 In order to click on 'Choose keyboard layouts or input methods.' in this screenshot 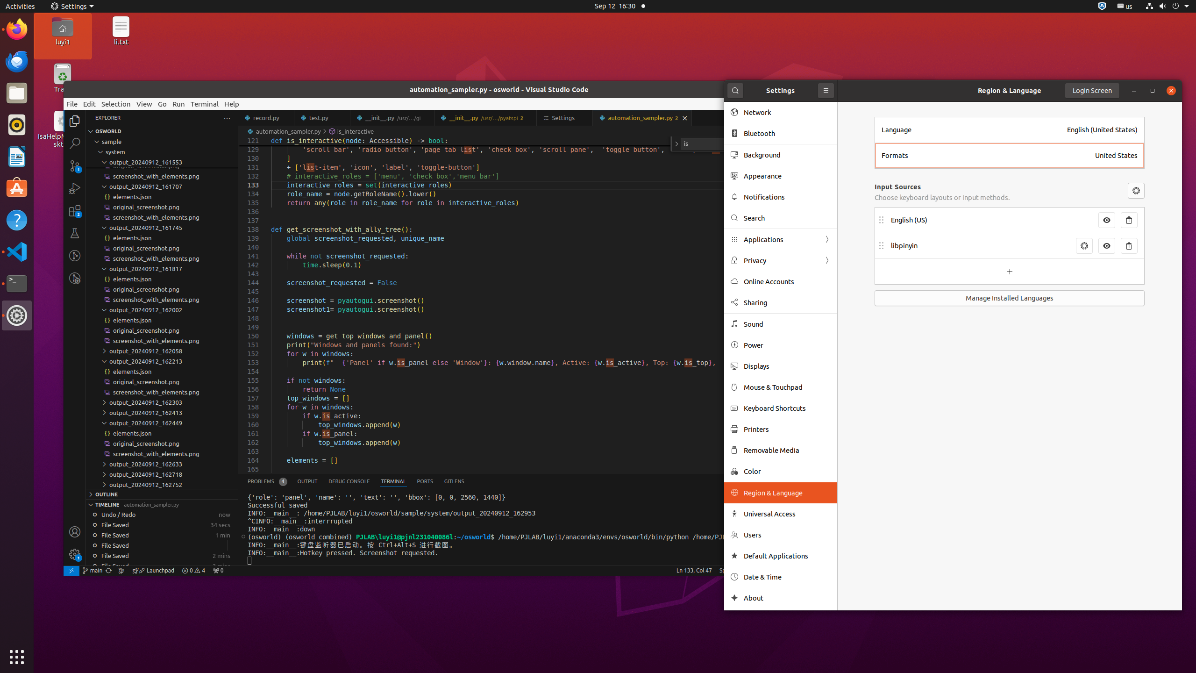, I will do `click(942, 197)`.